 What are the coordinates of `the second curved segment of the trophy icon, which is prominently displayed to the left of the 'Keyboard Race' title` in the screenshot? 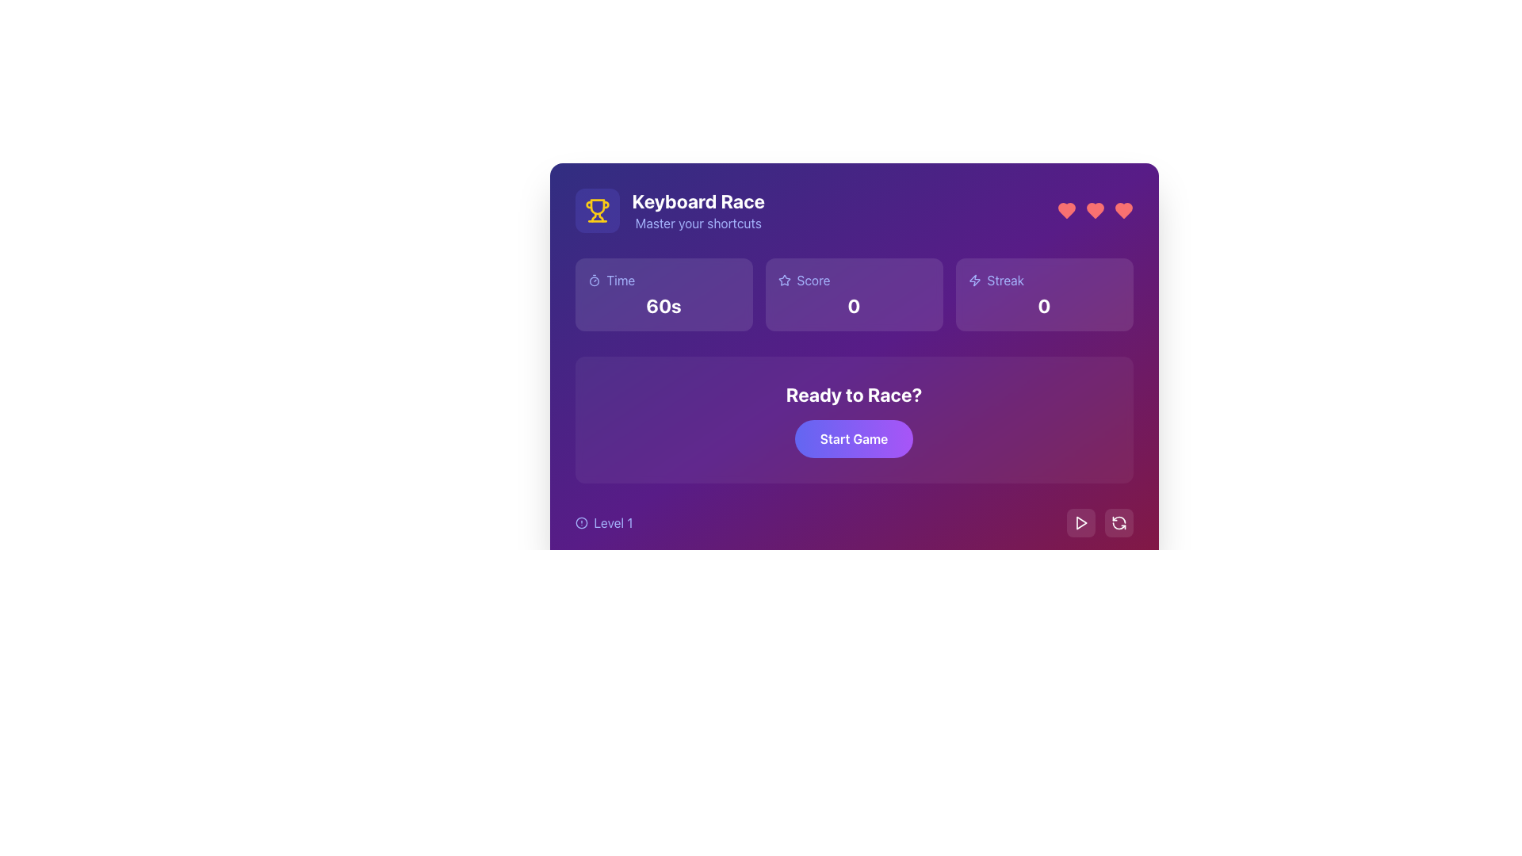 It's located at (592, 217).